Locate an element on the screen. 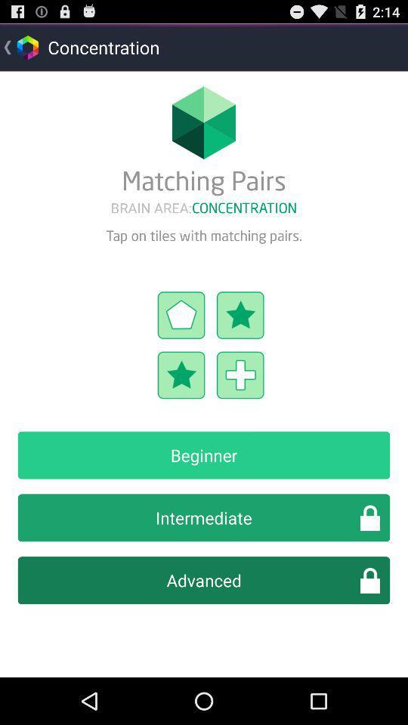 The height and width of the screenshot is (725, 408). beginner is located at coordinates (204, 454).